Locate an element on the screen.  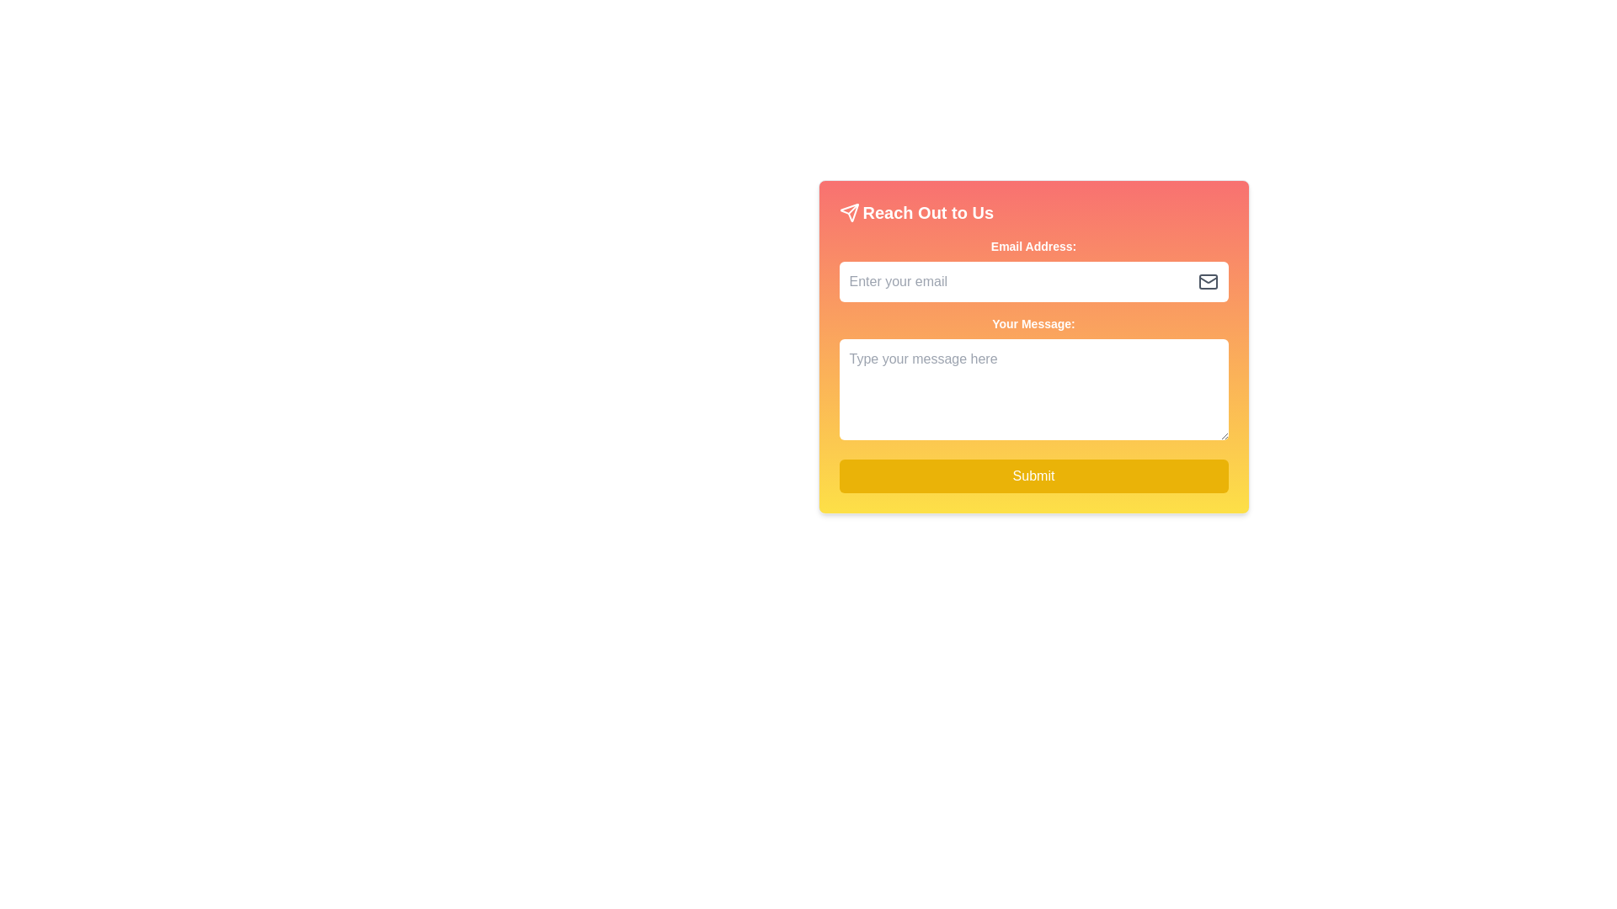
the paper airplane icon located next to the 'Reach Out to Us' text in the title section of the form is located at coordinates (849, 212).